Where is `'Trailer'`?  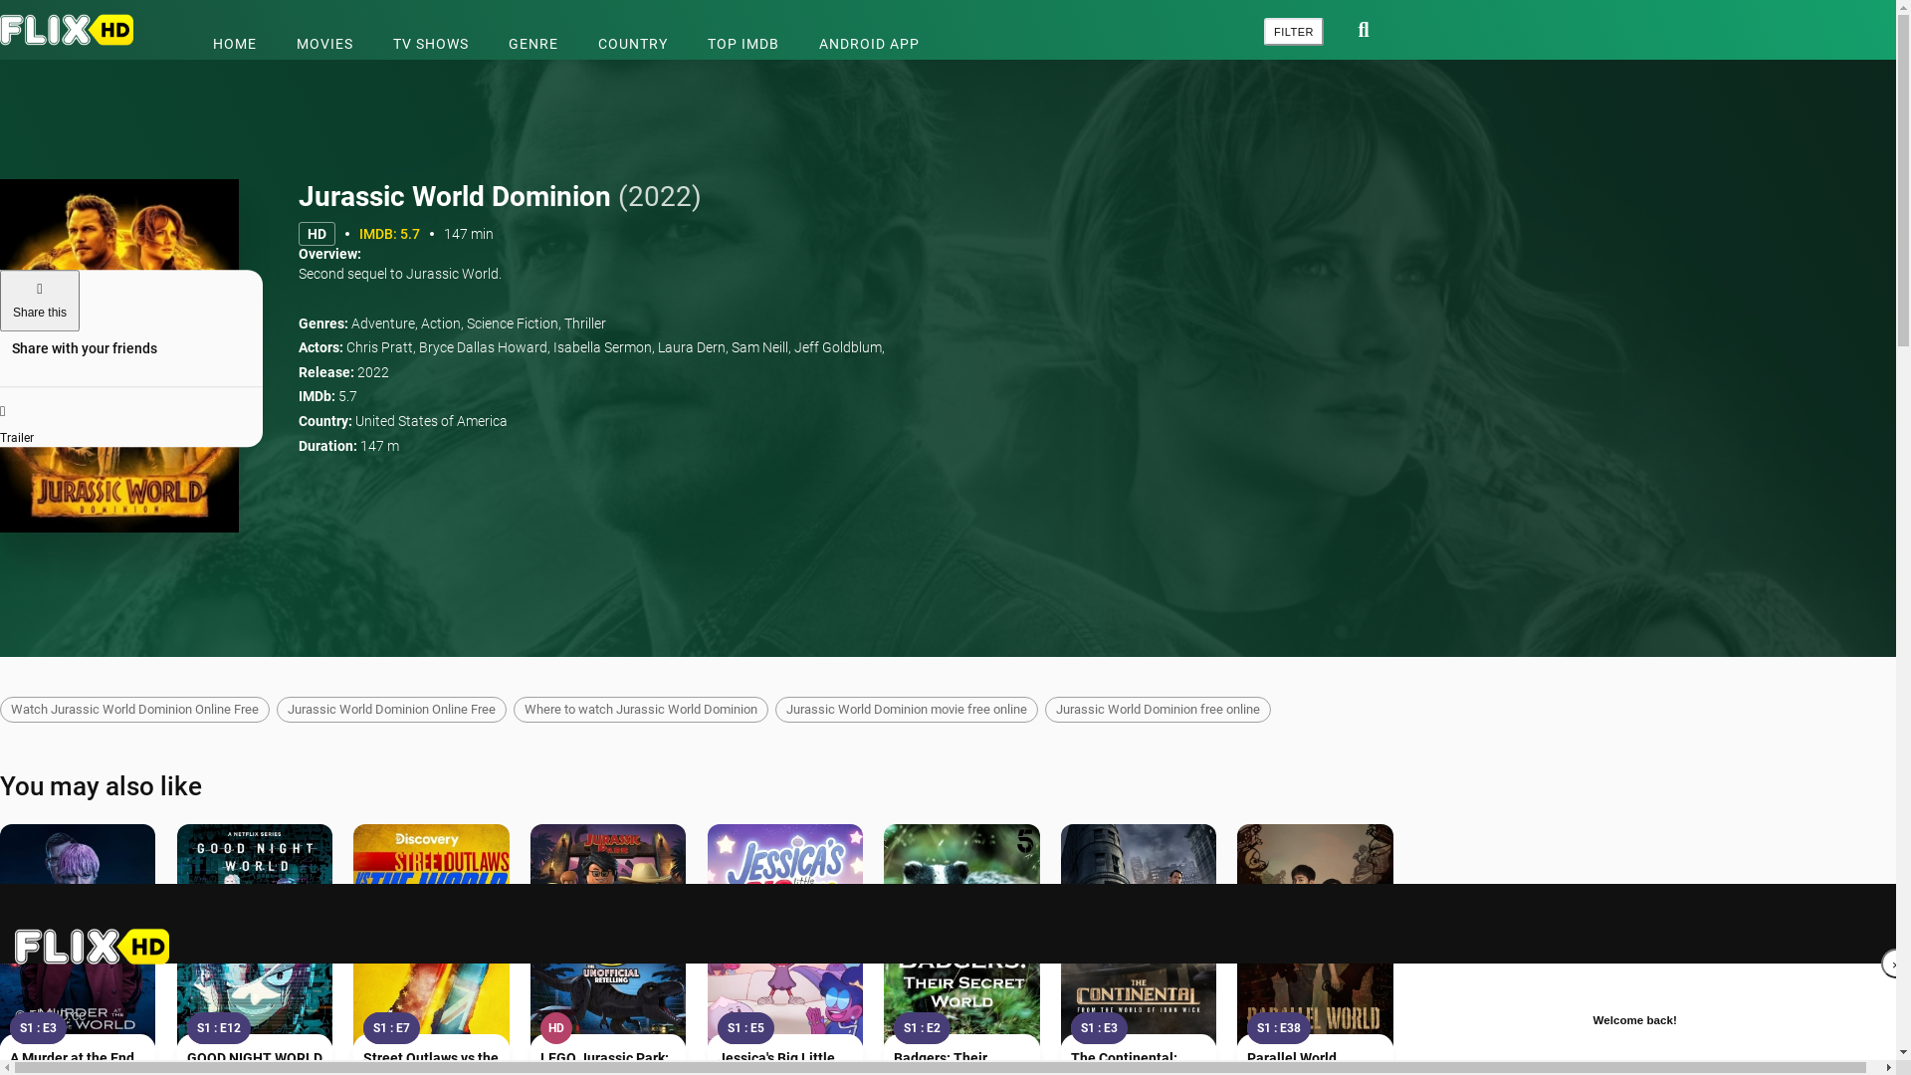
'Trailer' is located at coordinates (130, 416).